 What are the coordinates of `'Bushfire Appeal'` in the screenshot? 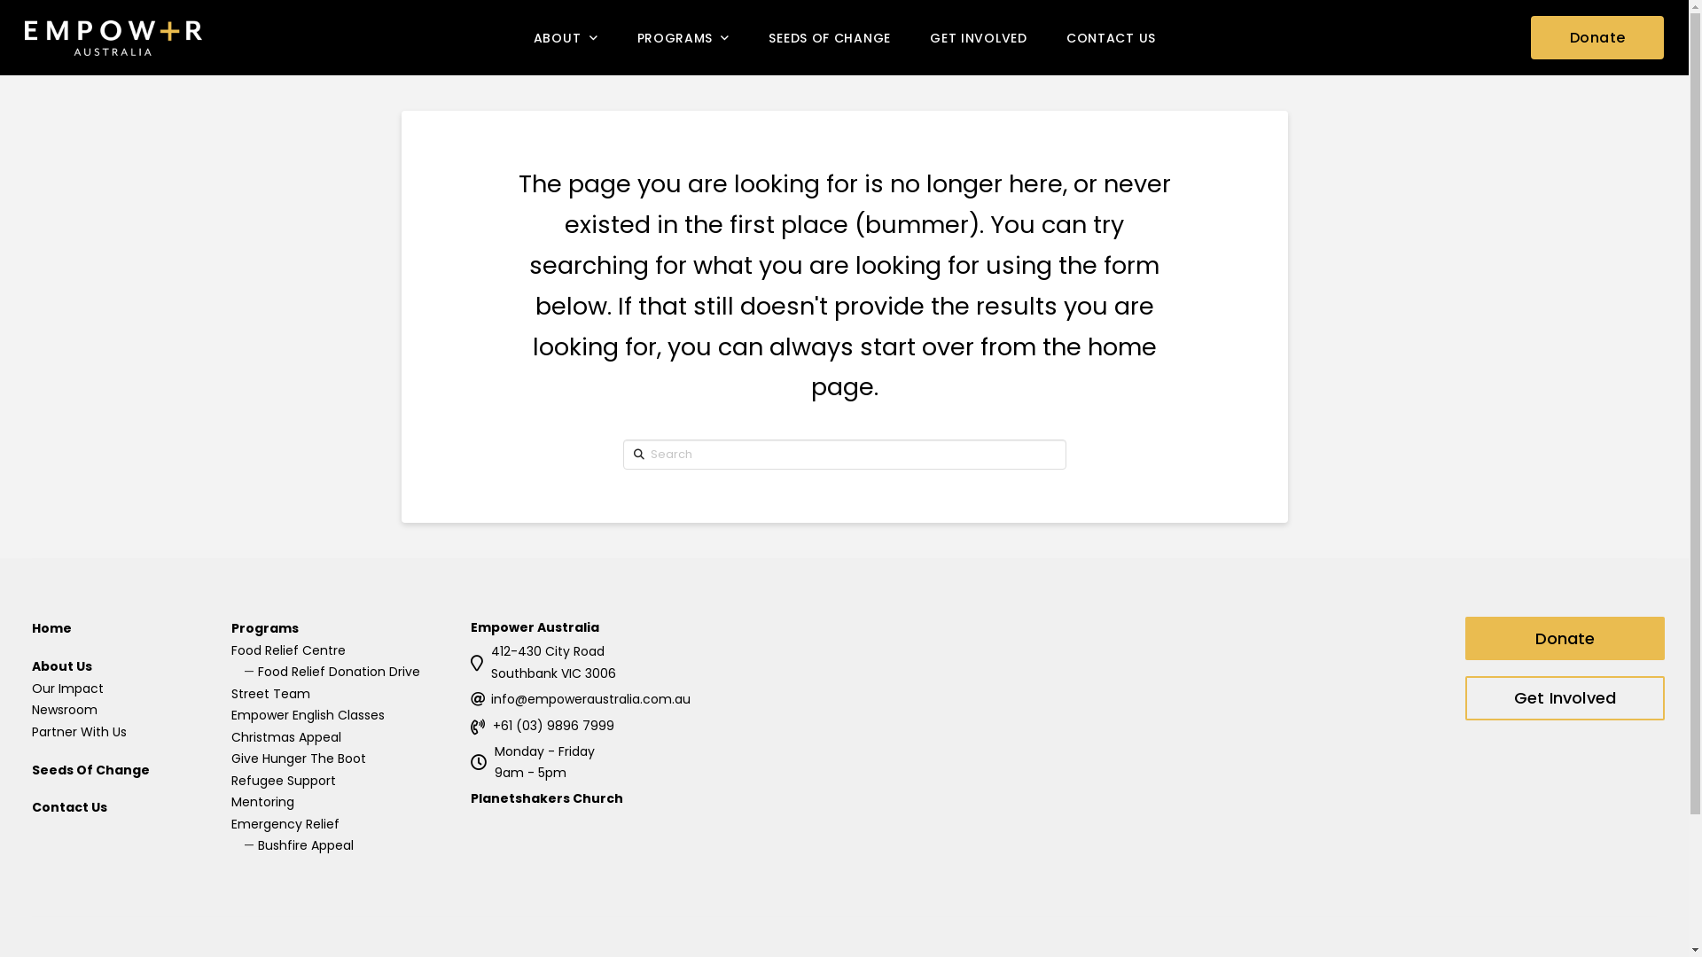 It's located at (306, 844).